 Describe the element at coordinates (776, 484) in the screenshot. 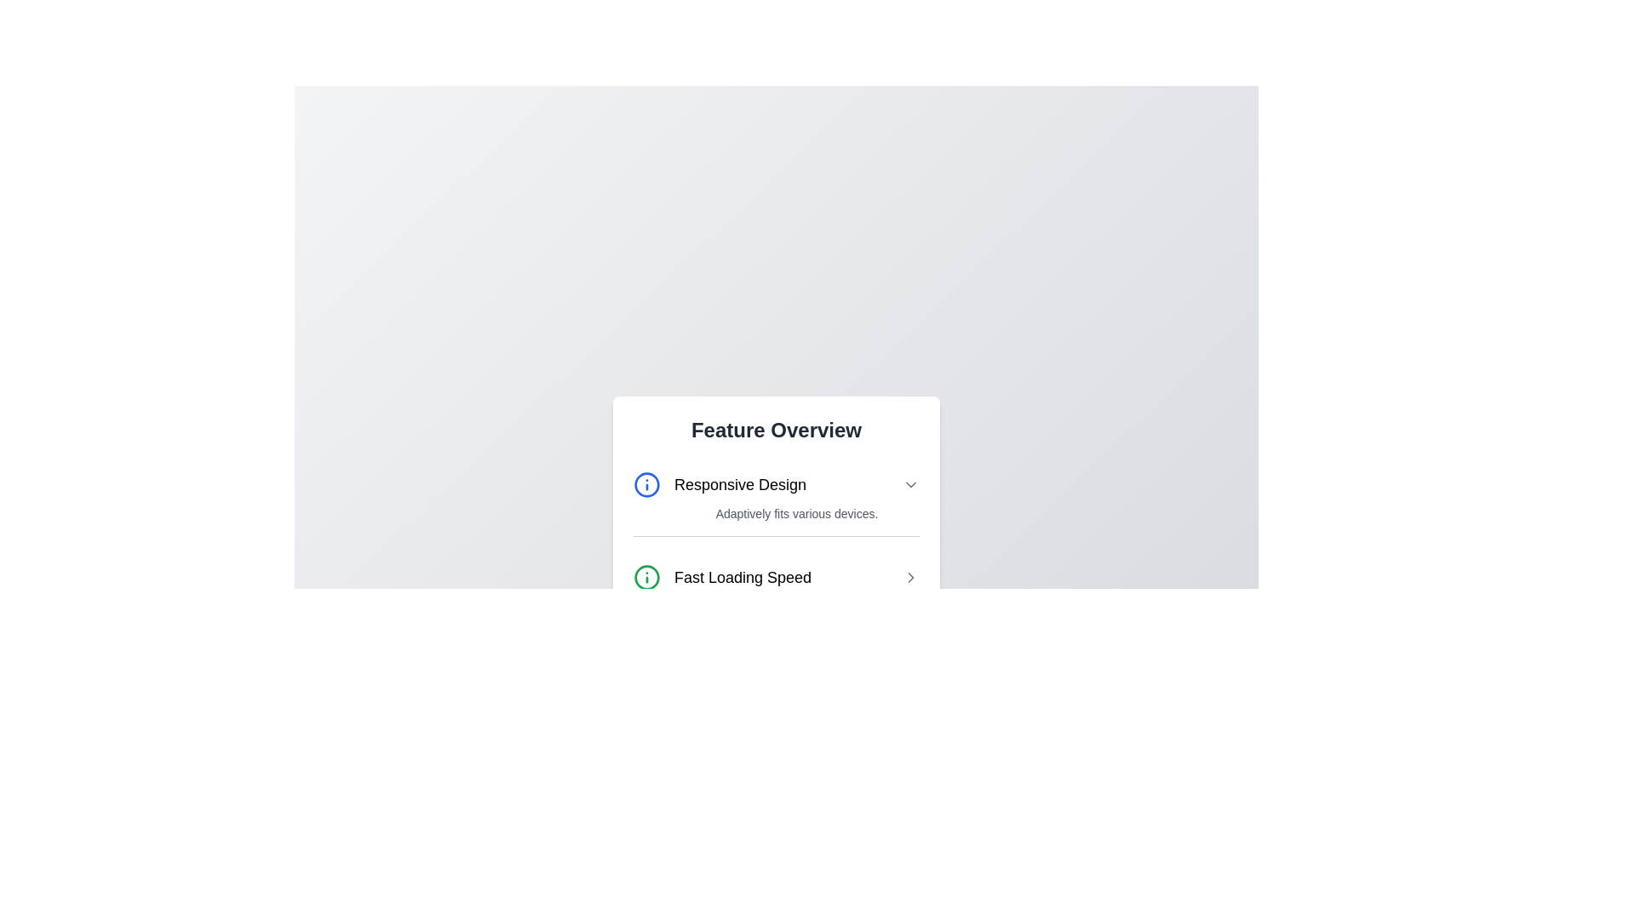

I see `the 'Responsive Design' expandable list item header` at that location.